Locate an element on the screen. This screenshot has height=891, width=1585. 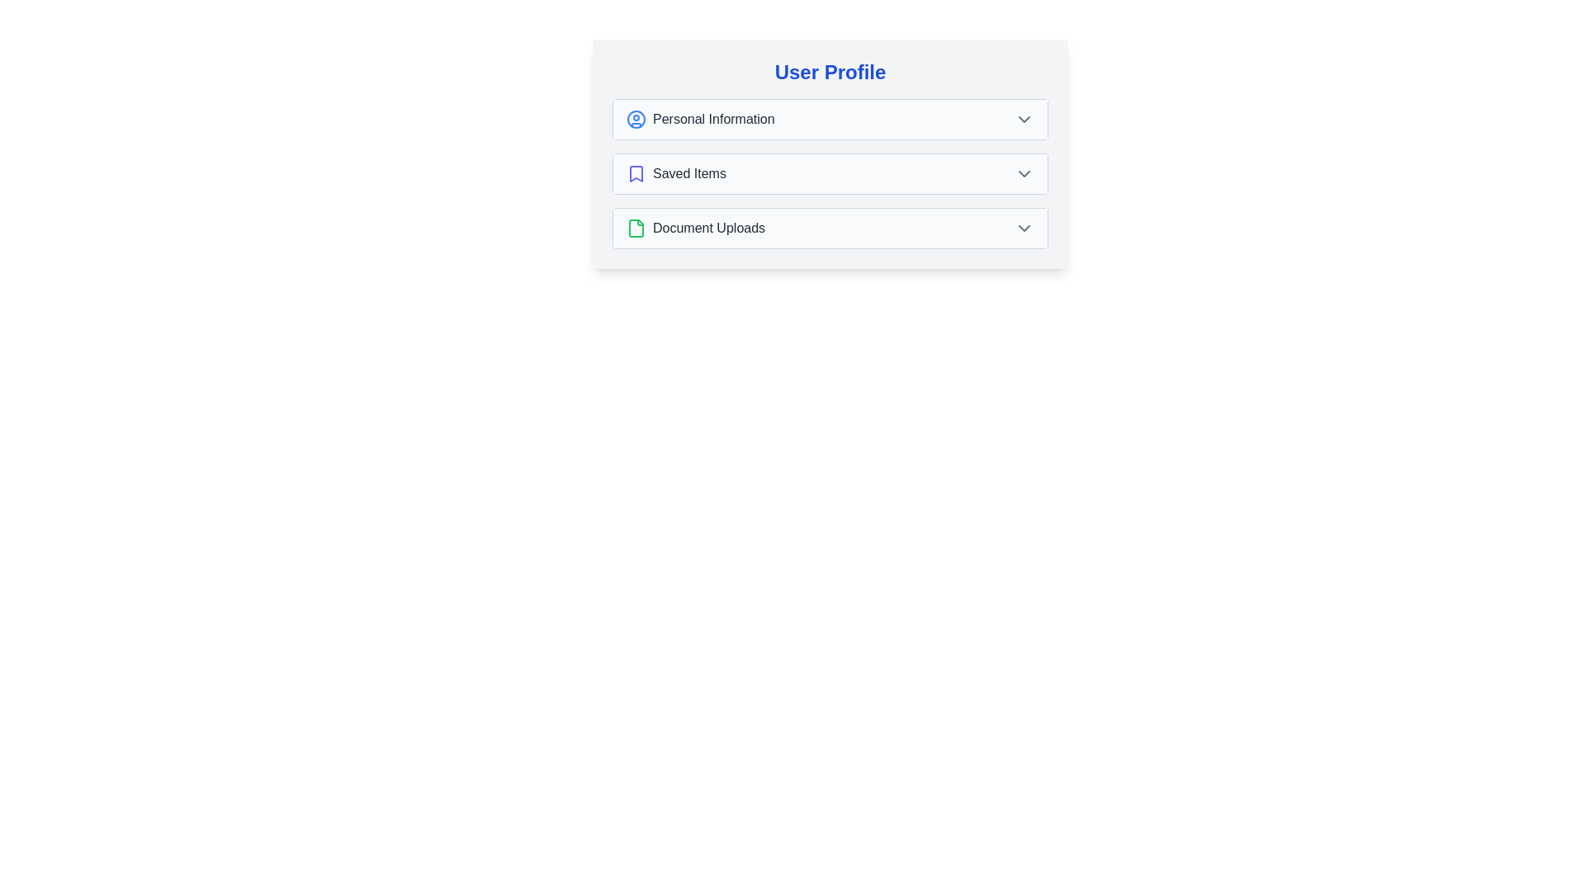
the circular SVG graphic icon that symbolizes user information, located in the left section of the 'Personal Information' option in the 'User Profile' card is located at coordinates (636, 119).